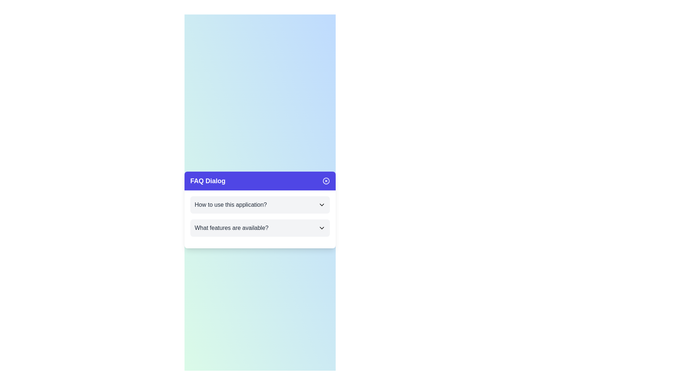  Describe the element at coordinates (260, 227) in the screenshot. I see `the FAQ item titled 'What features are available?' to expand or collapse it` at that location.